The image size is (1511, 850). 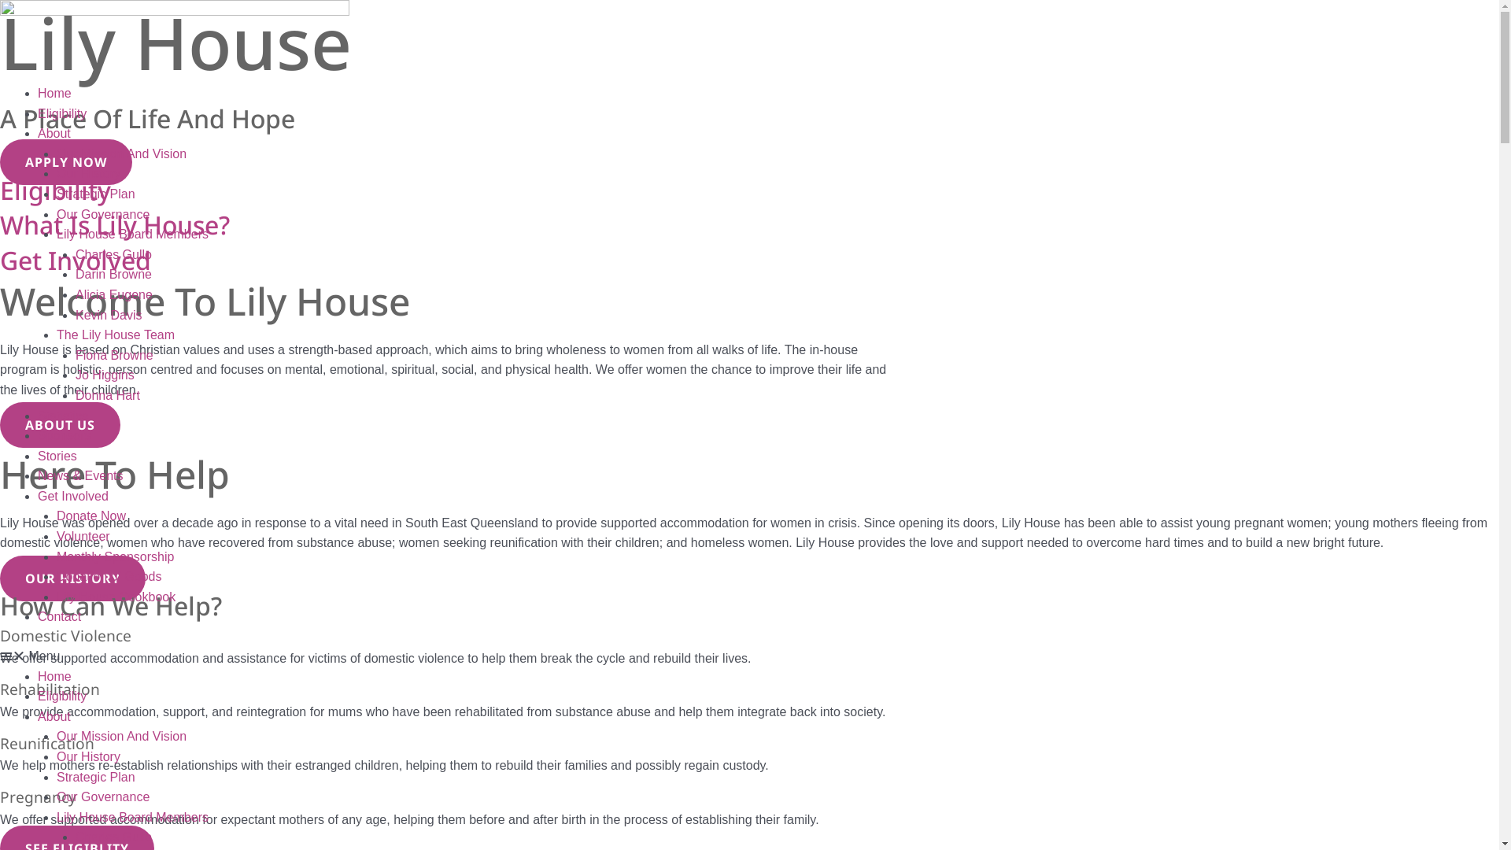 I want to click on 'Monthly Sponsorship', so click(x=114, y=556).